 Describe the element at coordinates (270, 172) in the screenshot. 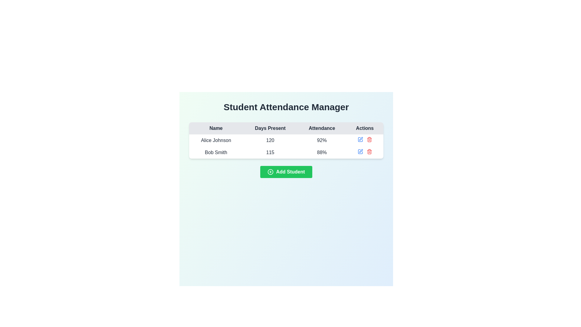

I see `the circular green icon with a plus sign, which is located to the left of the 'Add Student' text button on a green background, positioned centrally below the student data table` at that location.